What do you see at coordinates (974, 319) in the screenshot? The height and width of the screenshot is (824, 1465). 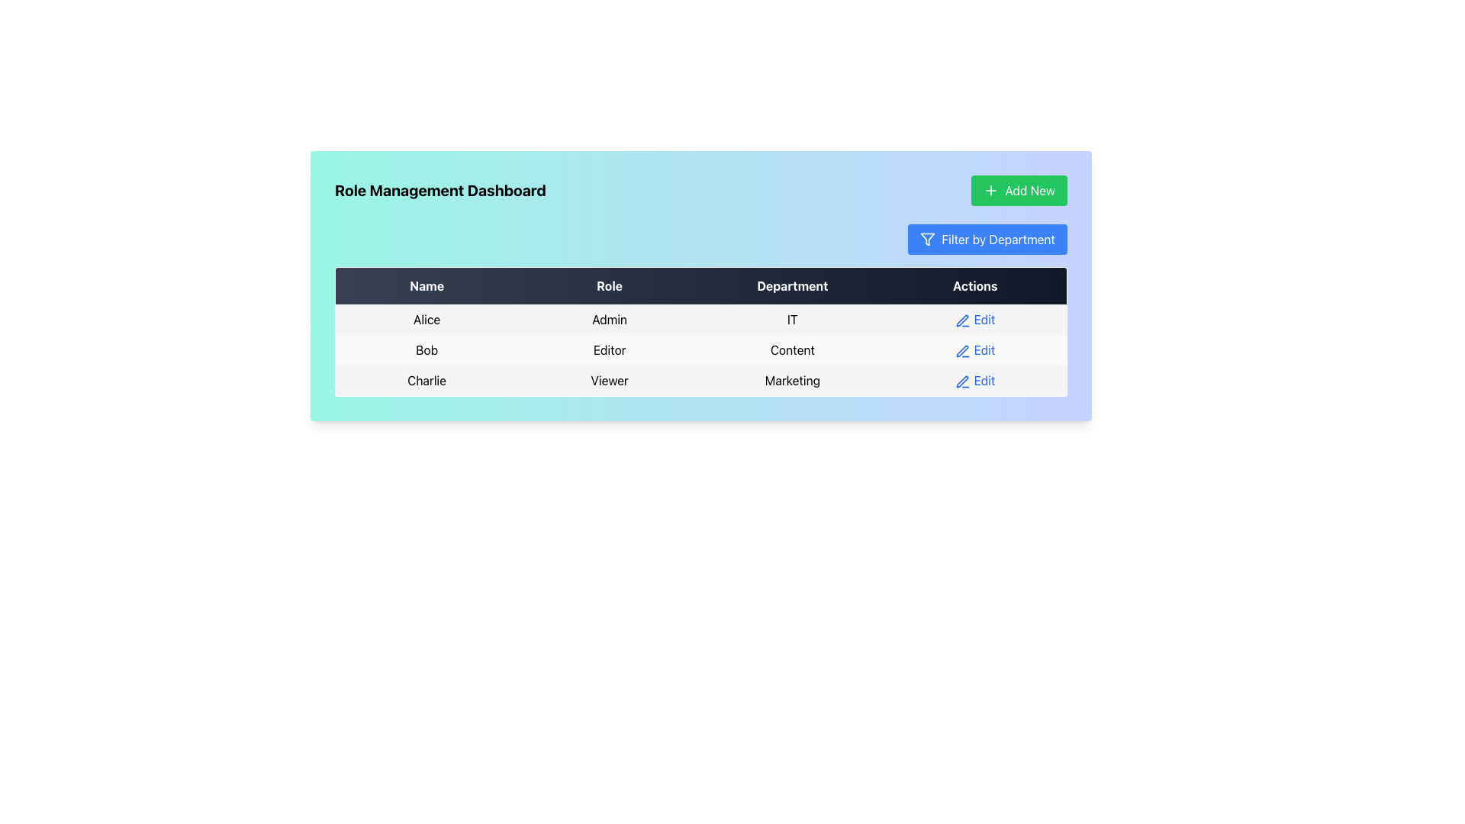 I see `the clickable link with a blue stylized pen icon and the text 'Edit' in the Actions column of the second row, located next to the IT department` at bounding box center [974, 319].